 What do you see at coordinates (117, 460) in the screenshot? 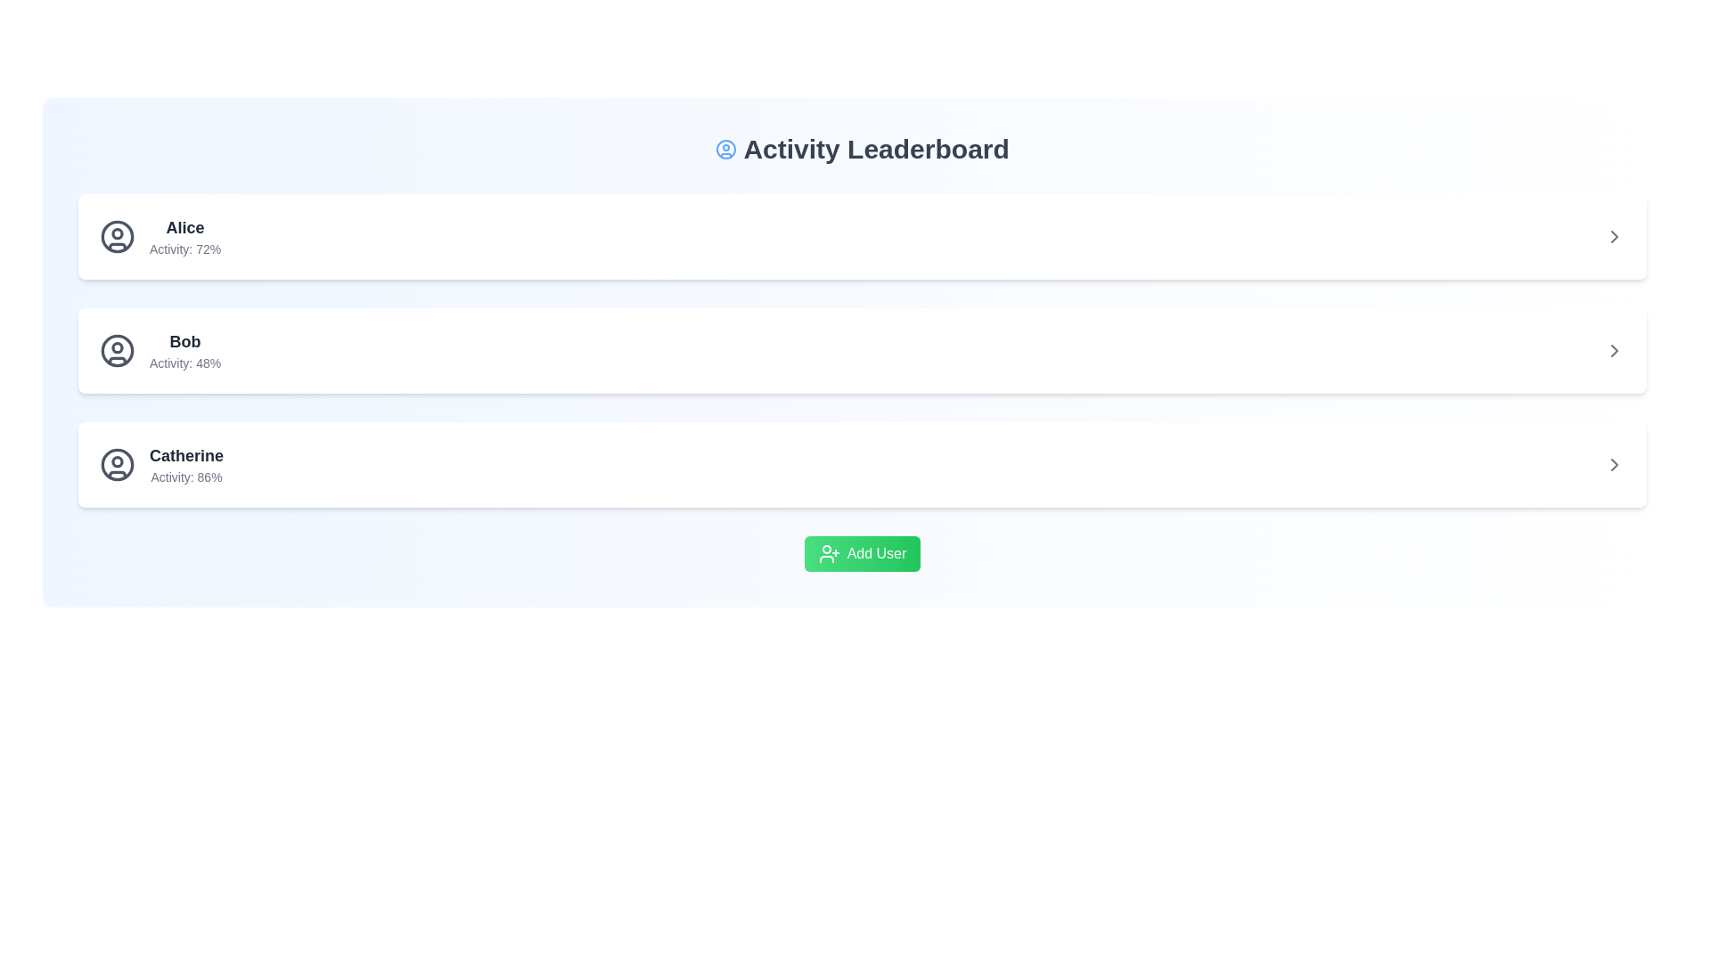
I see `the small circular shape representing the user silhouette in the profile icon, located to the left of the label 'Catherine' in the leaderboard` at bounding box center [117, 460].